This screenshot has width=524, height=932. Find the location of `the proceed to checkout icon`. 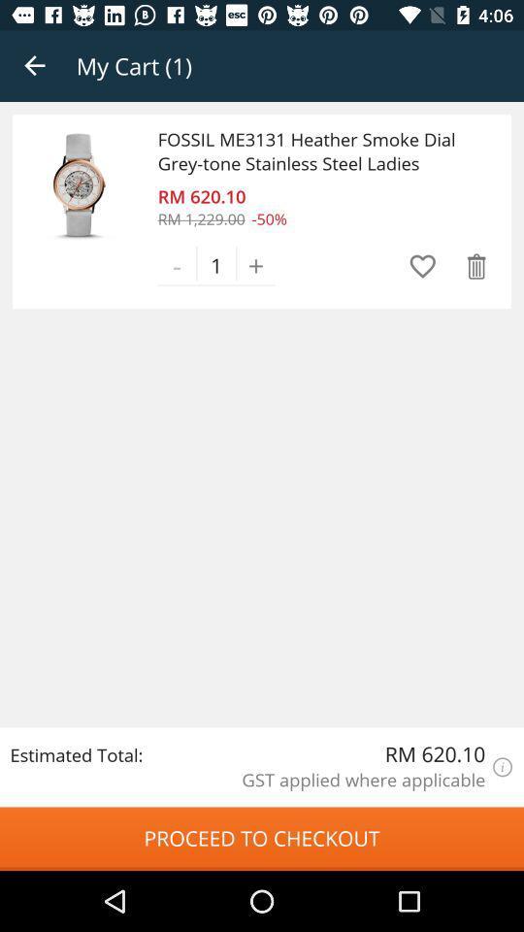

the proceed to checkout icon is located at coordinates (262, 838).